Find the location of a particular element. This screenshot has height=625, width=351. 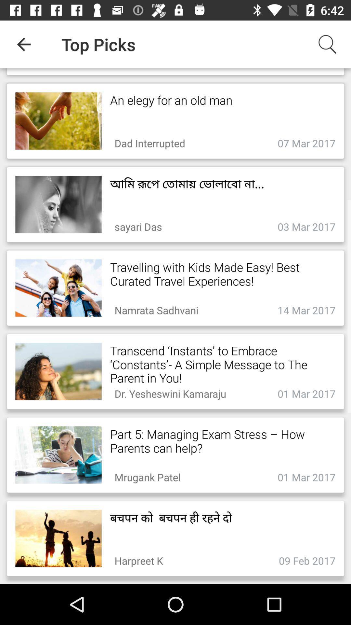

harpreet k icon is located at coordinates (138, 559).